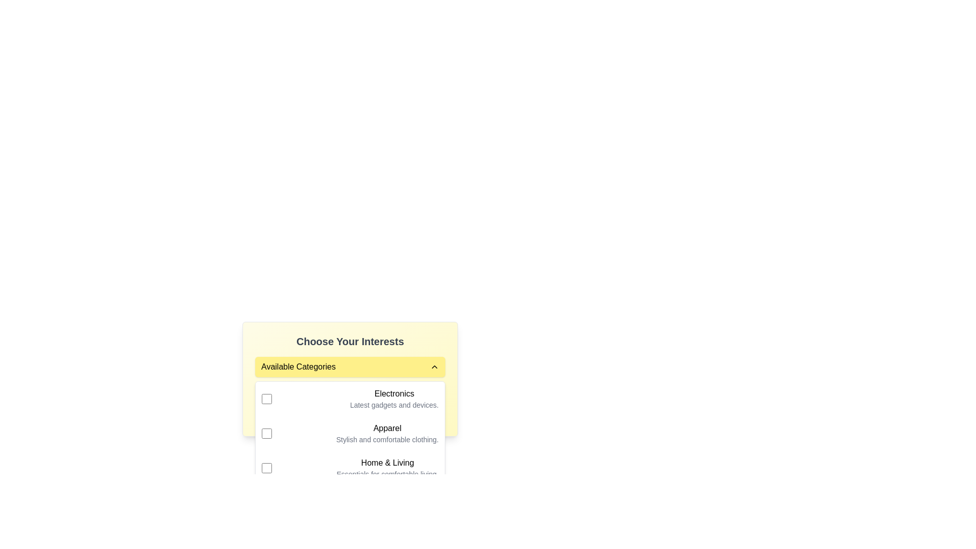 Image resolution: width=976 pixels, height=549 pixels. I want to click on the light yellow rectangular dropdown menu labeled 'Available Categories', so click(350, 379).